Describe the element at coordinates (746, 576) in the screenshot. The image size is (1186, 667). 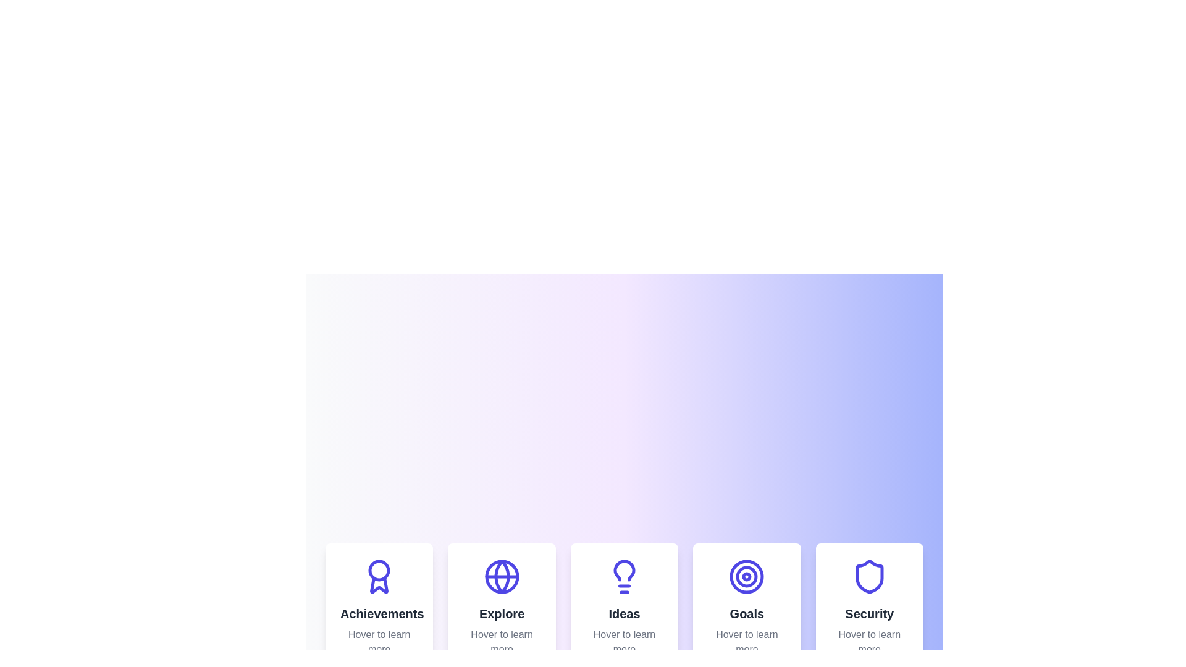
I see `the target icon composed of concentric circles in indigo color, located at the uppermost part of the 'Goals' card in the bottom middle of the interface` at that location.